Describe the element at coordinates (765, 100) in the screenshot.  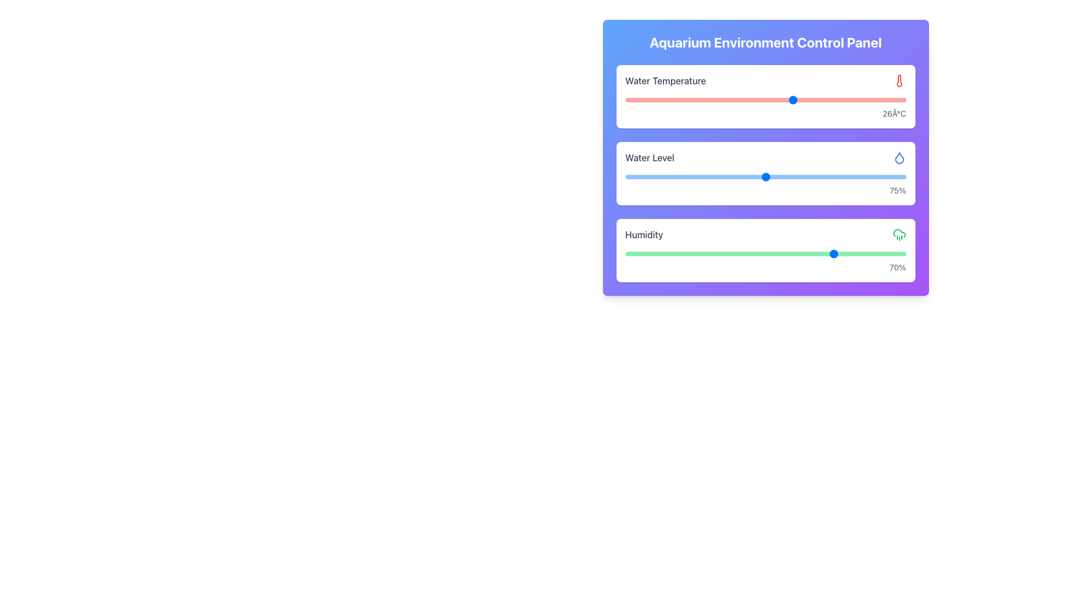
I see `temperature` at that location.